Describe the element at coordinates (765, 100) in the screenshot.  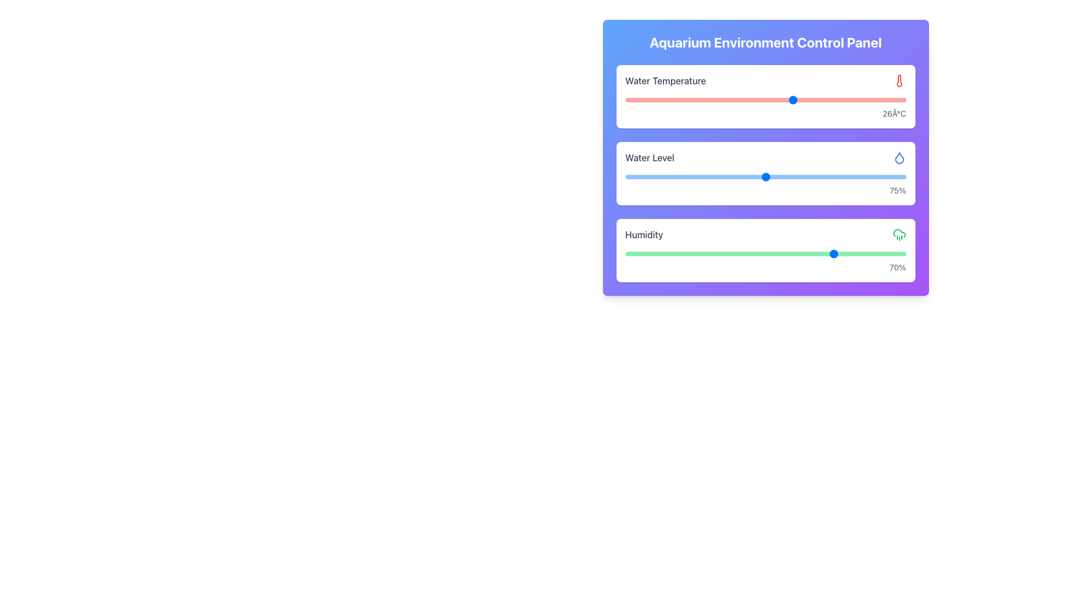
I see `temperature` at that location.